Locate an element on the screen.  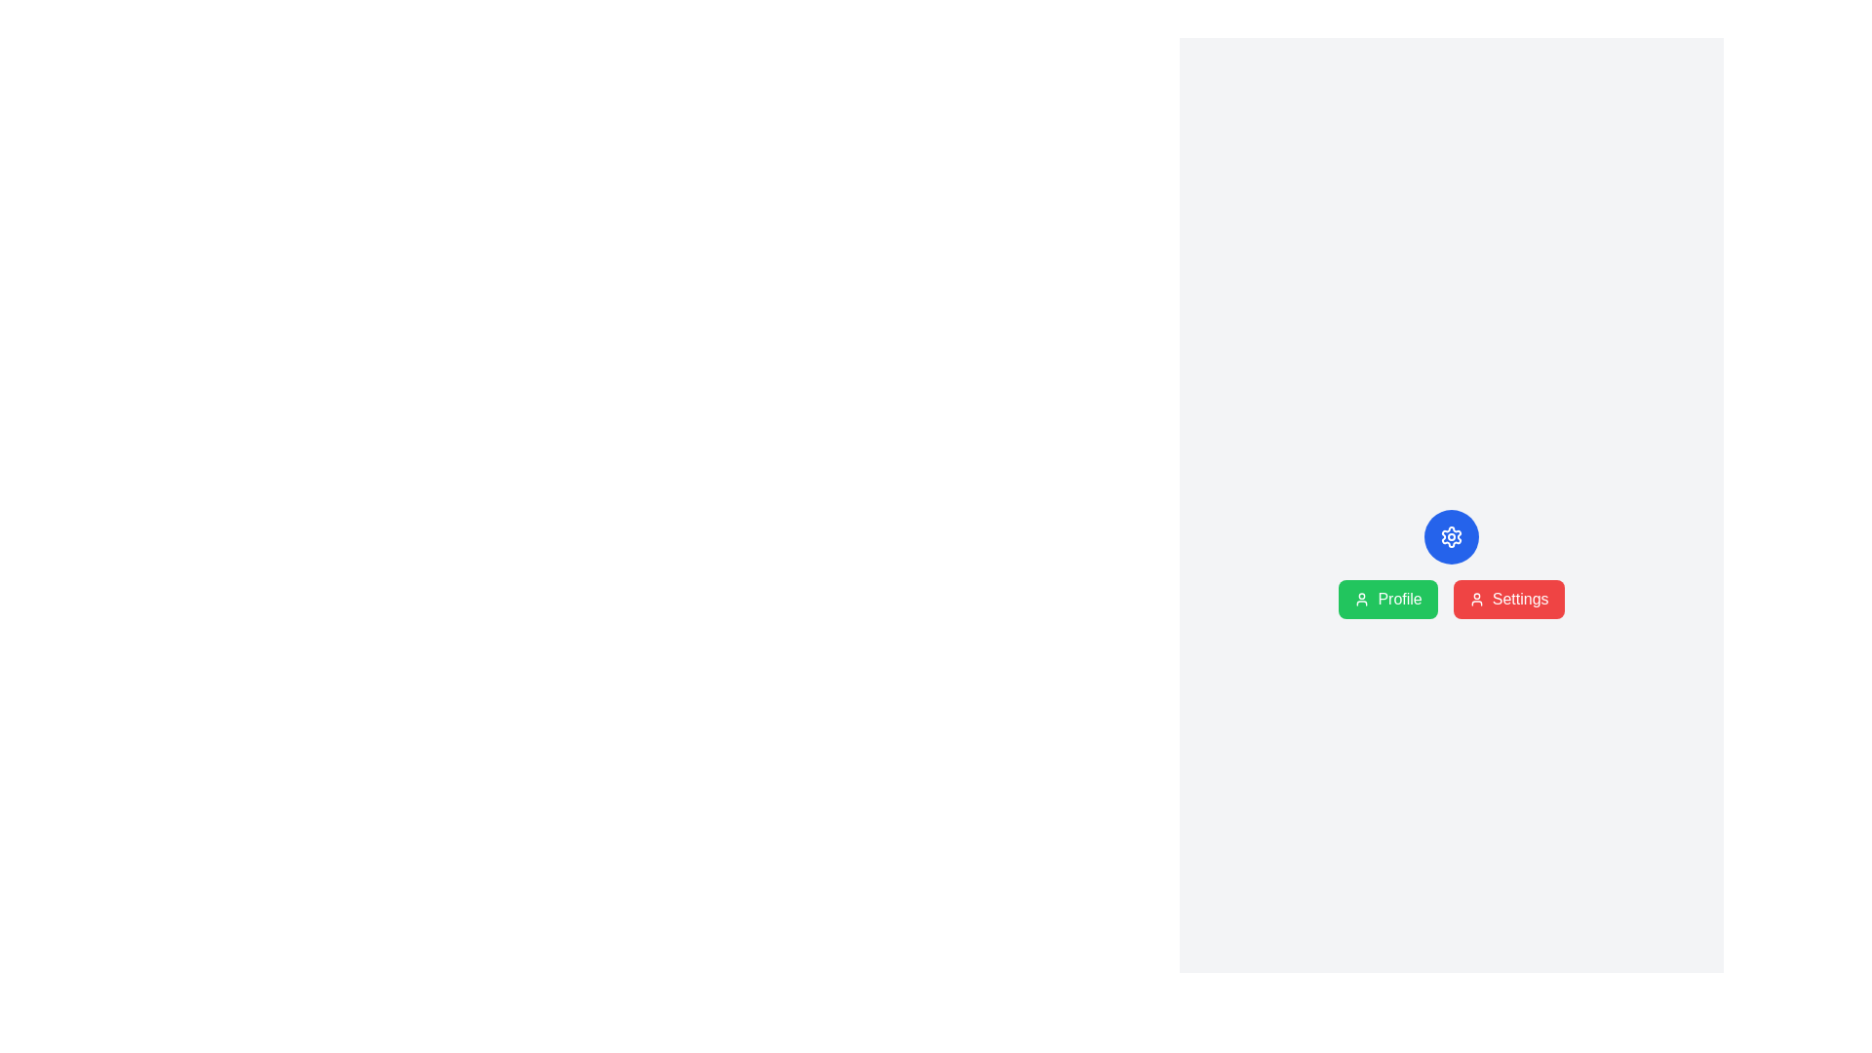
the 'Settings' button, which is the second button in a horizontal set is located at coordinates (1507, 598).